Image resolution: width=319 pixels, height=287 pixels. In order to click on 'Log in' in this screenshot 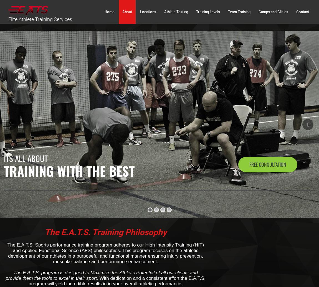, I will do `click(237, 161)`.